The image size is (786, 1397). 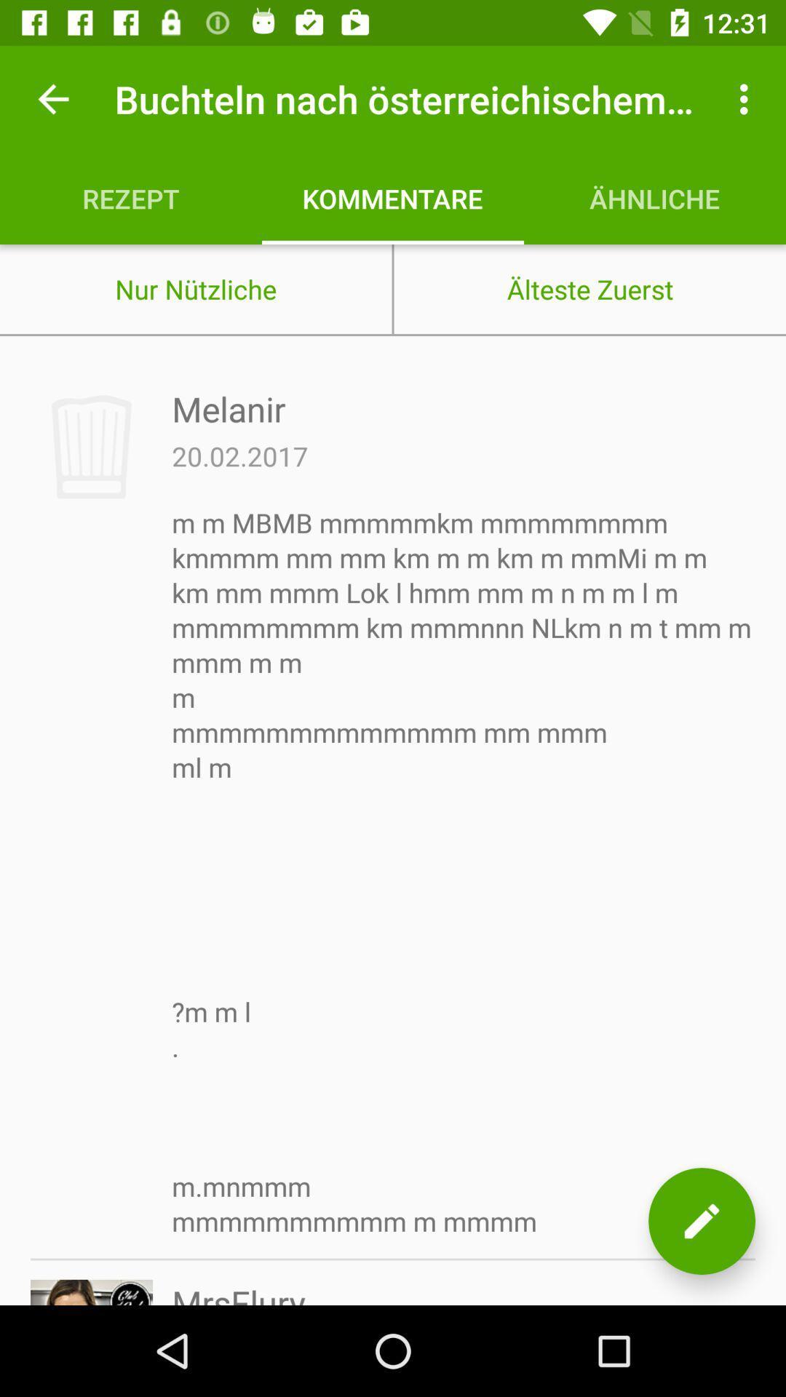 I want to click on the item next to mrsflury icon, so click(x=701, y=1221).